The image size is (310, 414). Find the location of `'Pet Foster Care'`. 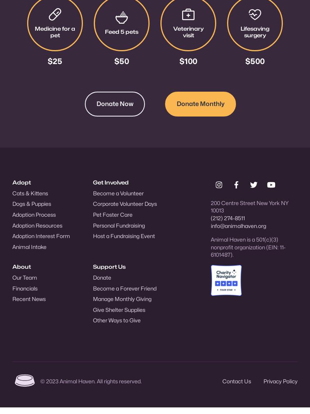

'Pet Foster Care' is located at coordinates (113, 214).